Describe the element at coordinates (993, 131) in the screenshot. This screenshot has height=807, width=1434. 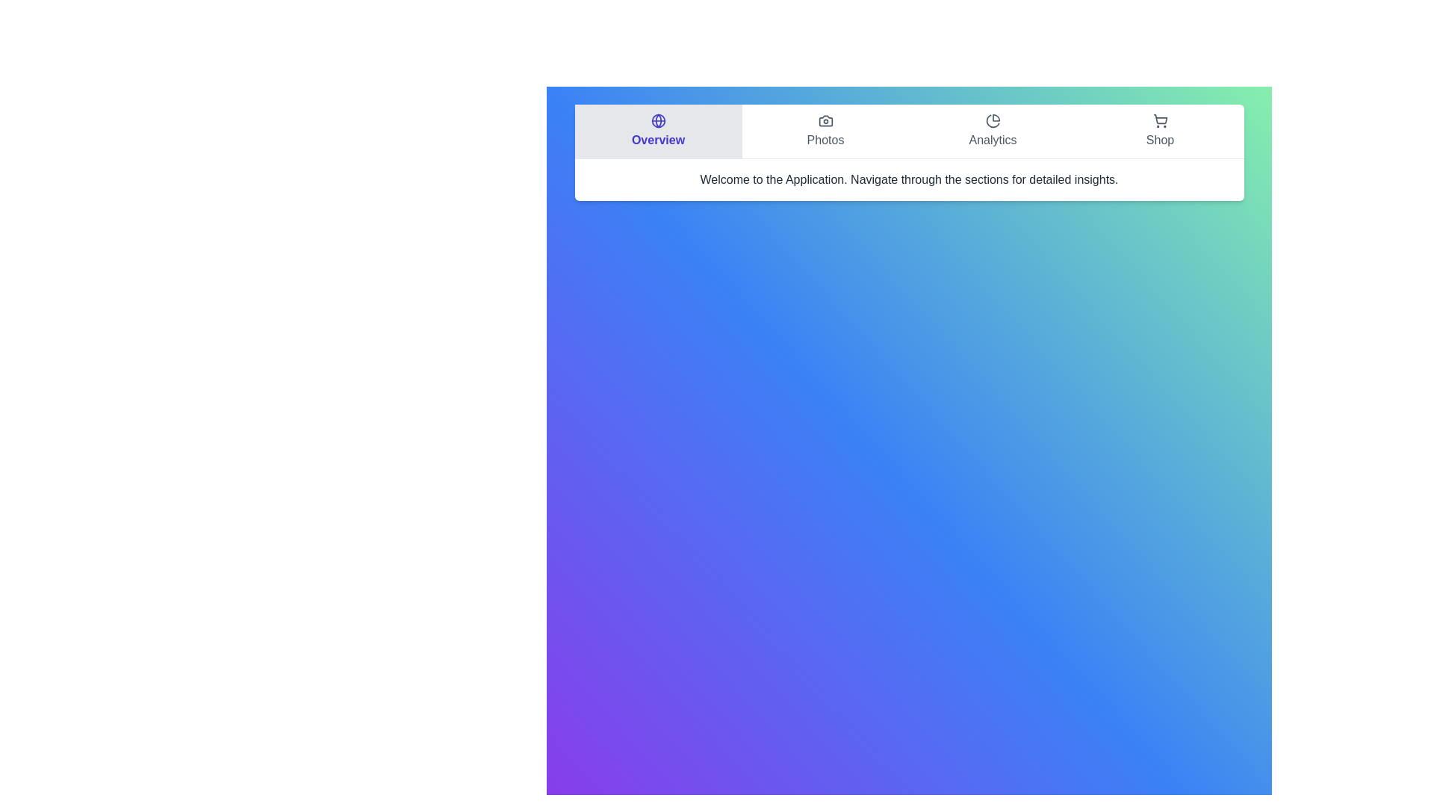
I see `the 'Analytics' navigation button located in the horizontal navigation bar` at that location.